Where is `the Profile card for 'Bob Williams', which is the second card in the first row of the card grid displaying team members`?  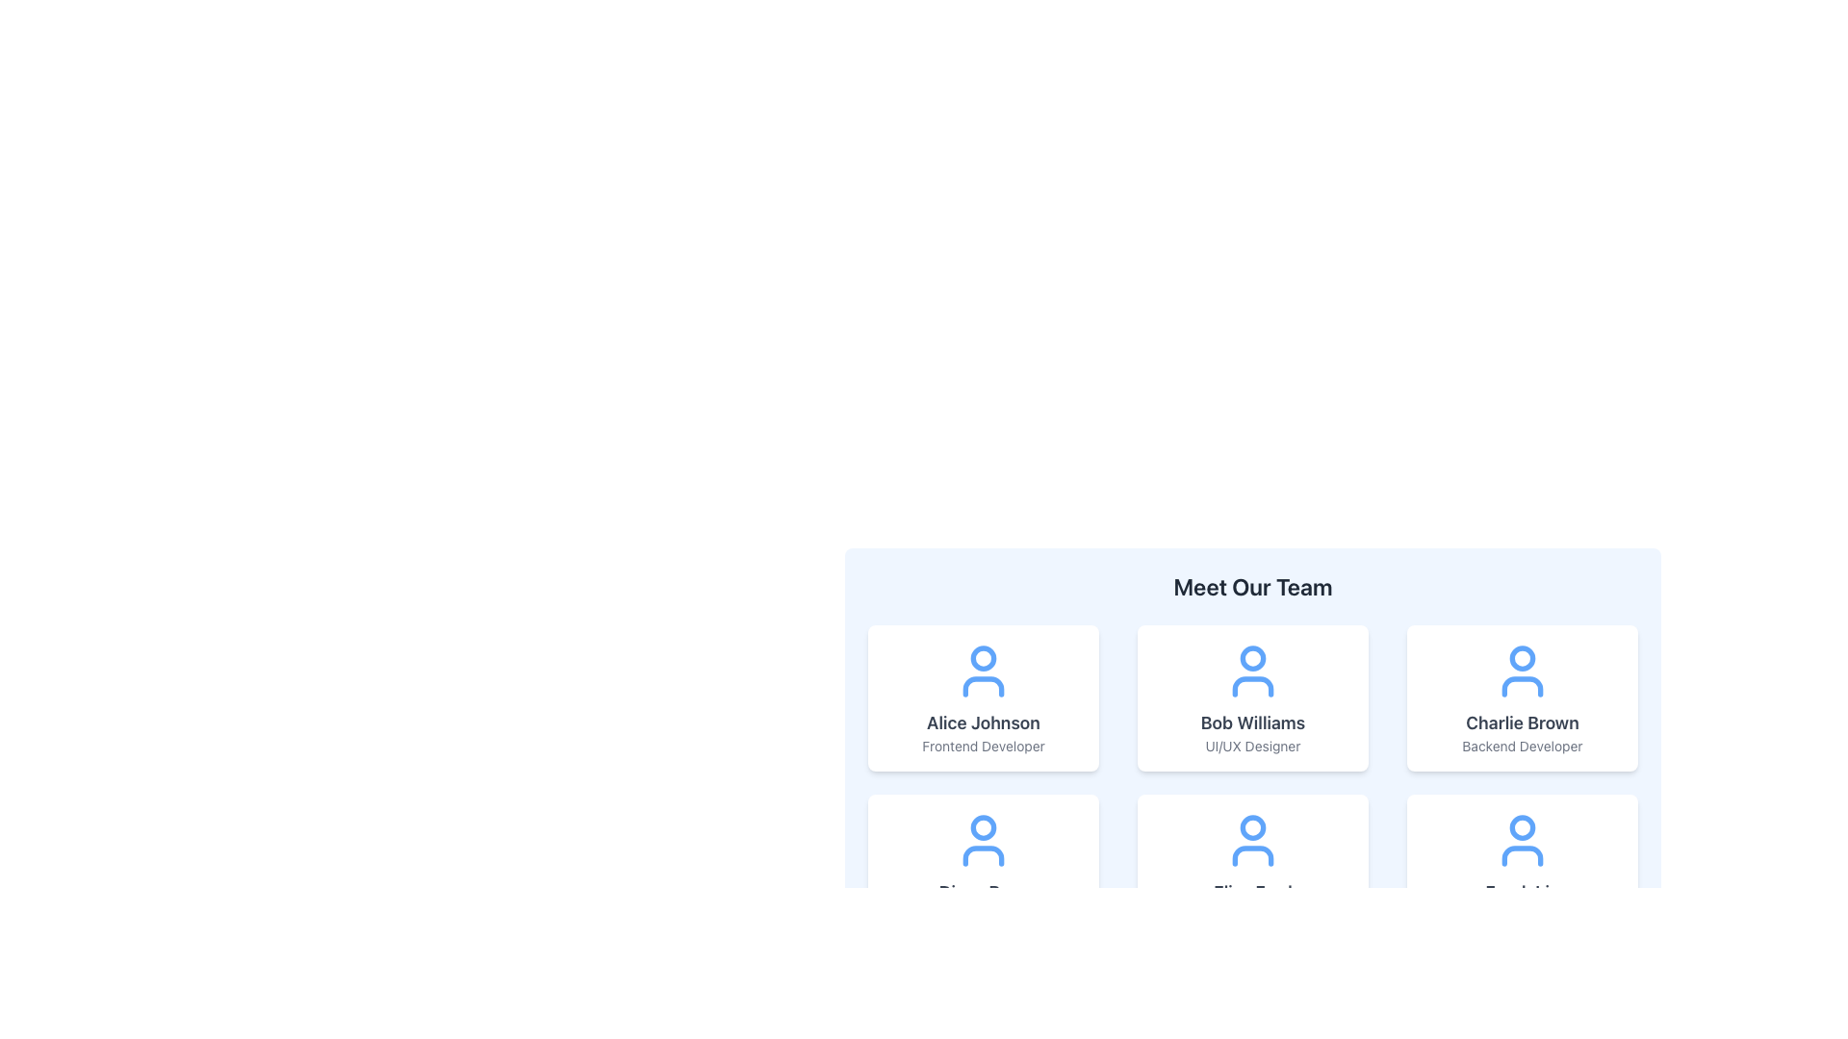
the Profile card for 'Bob Williams', which is the second card in the first row of the card grid displaying team members is located at coordinates (1252, 755).